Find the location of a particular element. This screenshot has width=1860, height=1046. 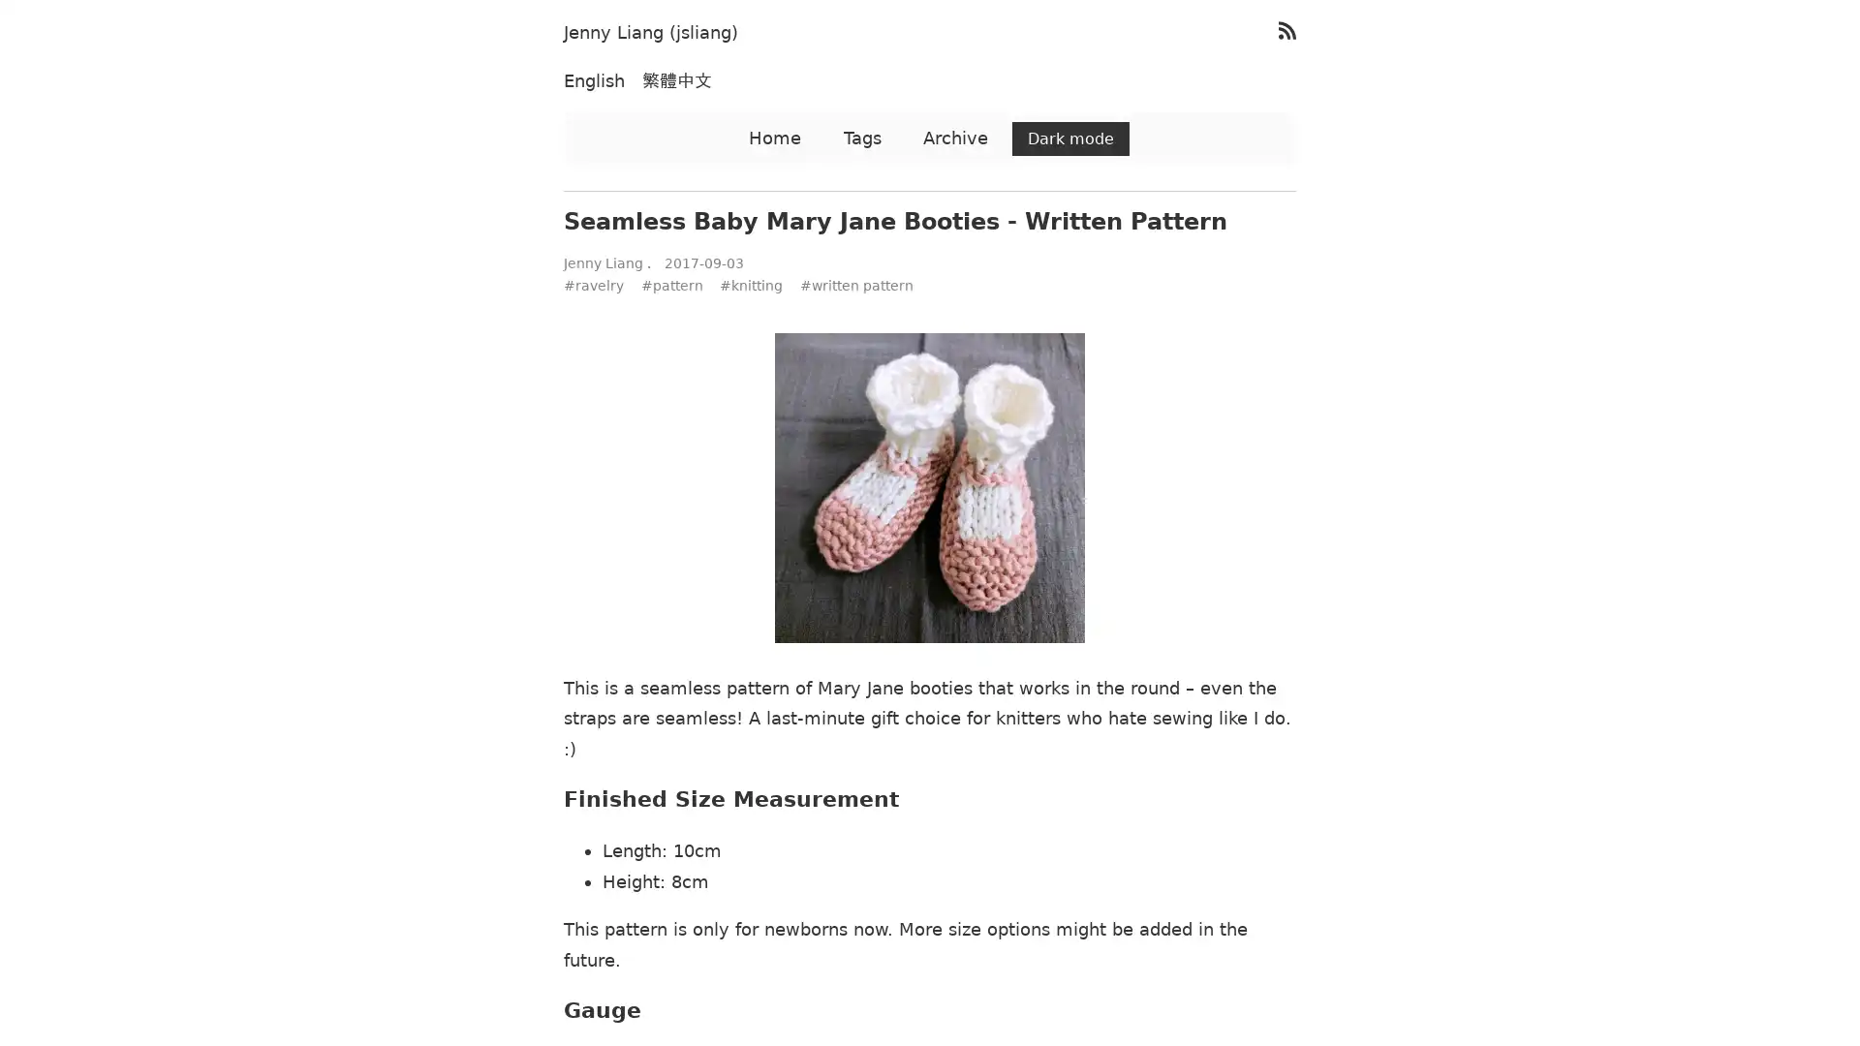

Dark mode is located at coordinates (1069, 138).